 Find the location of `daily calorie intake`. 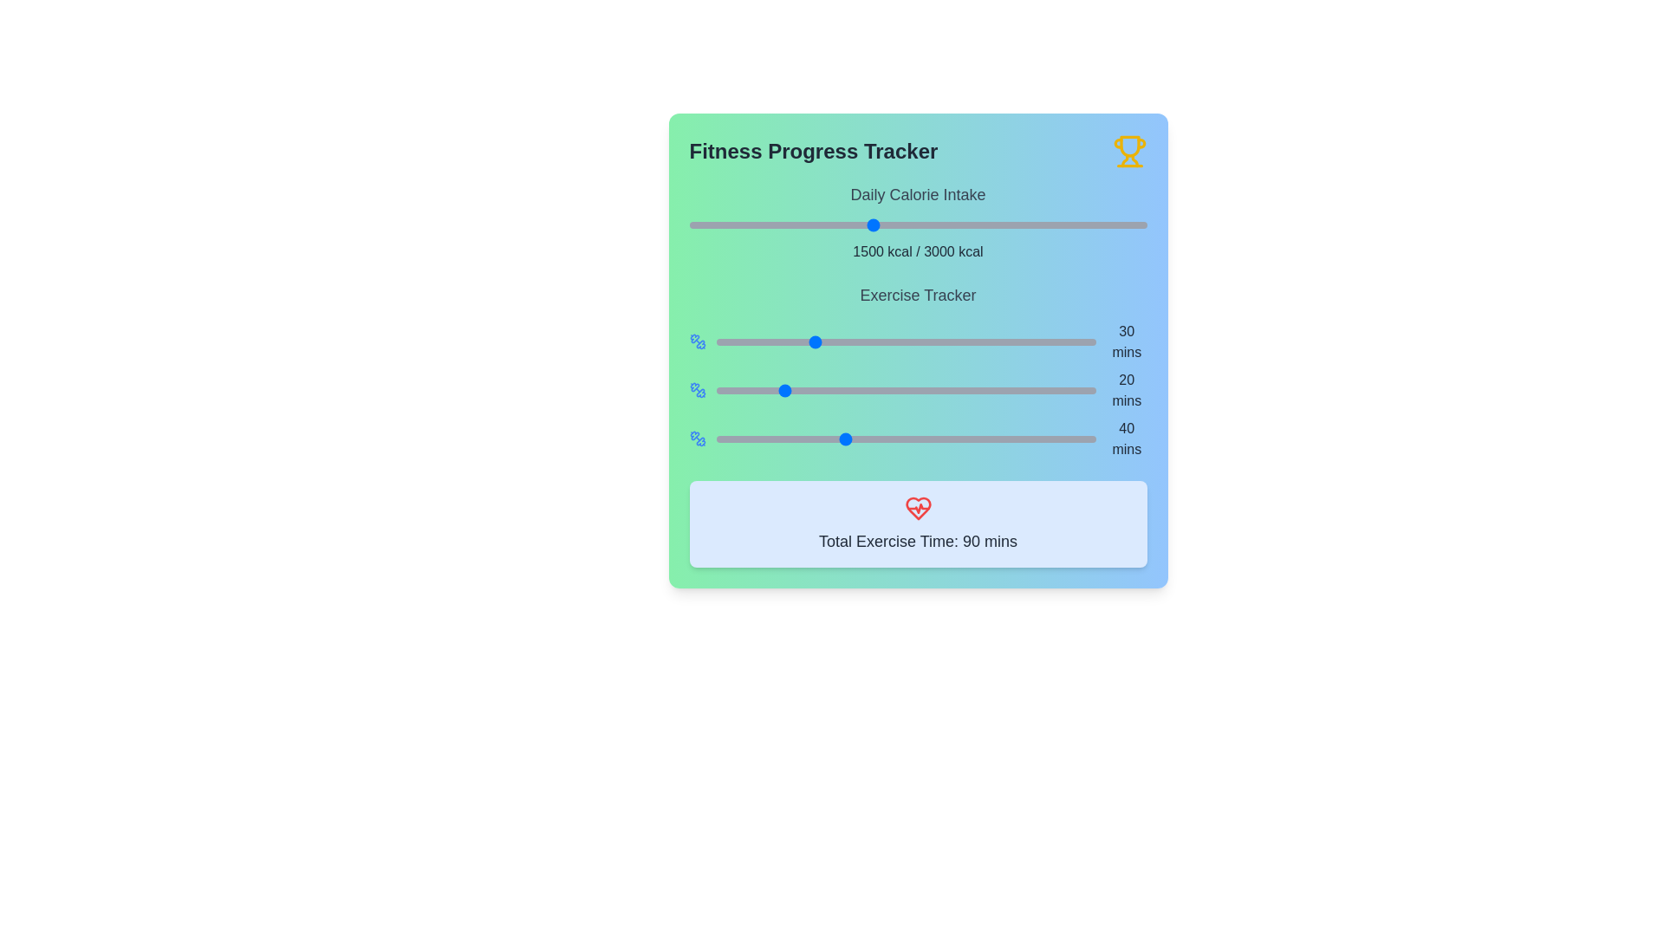

daily calorie intake is located at coordinates (995, 224).